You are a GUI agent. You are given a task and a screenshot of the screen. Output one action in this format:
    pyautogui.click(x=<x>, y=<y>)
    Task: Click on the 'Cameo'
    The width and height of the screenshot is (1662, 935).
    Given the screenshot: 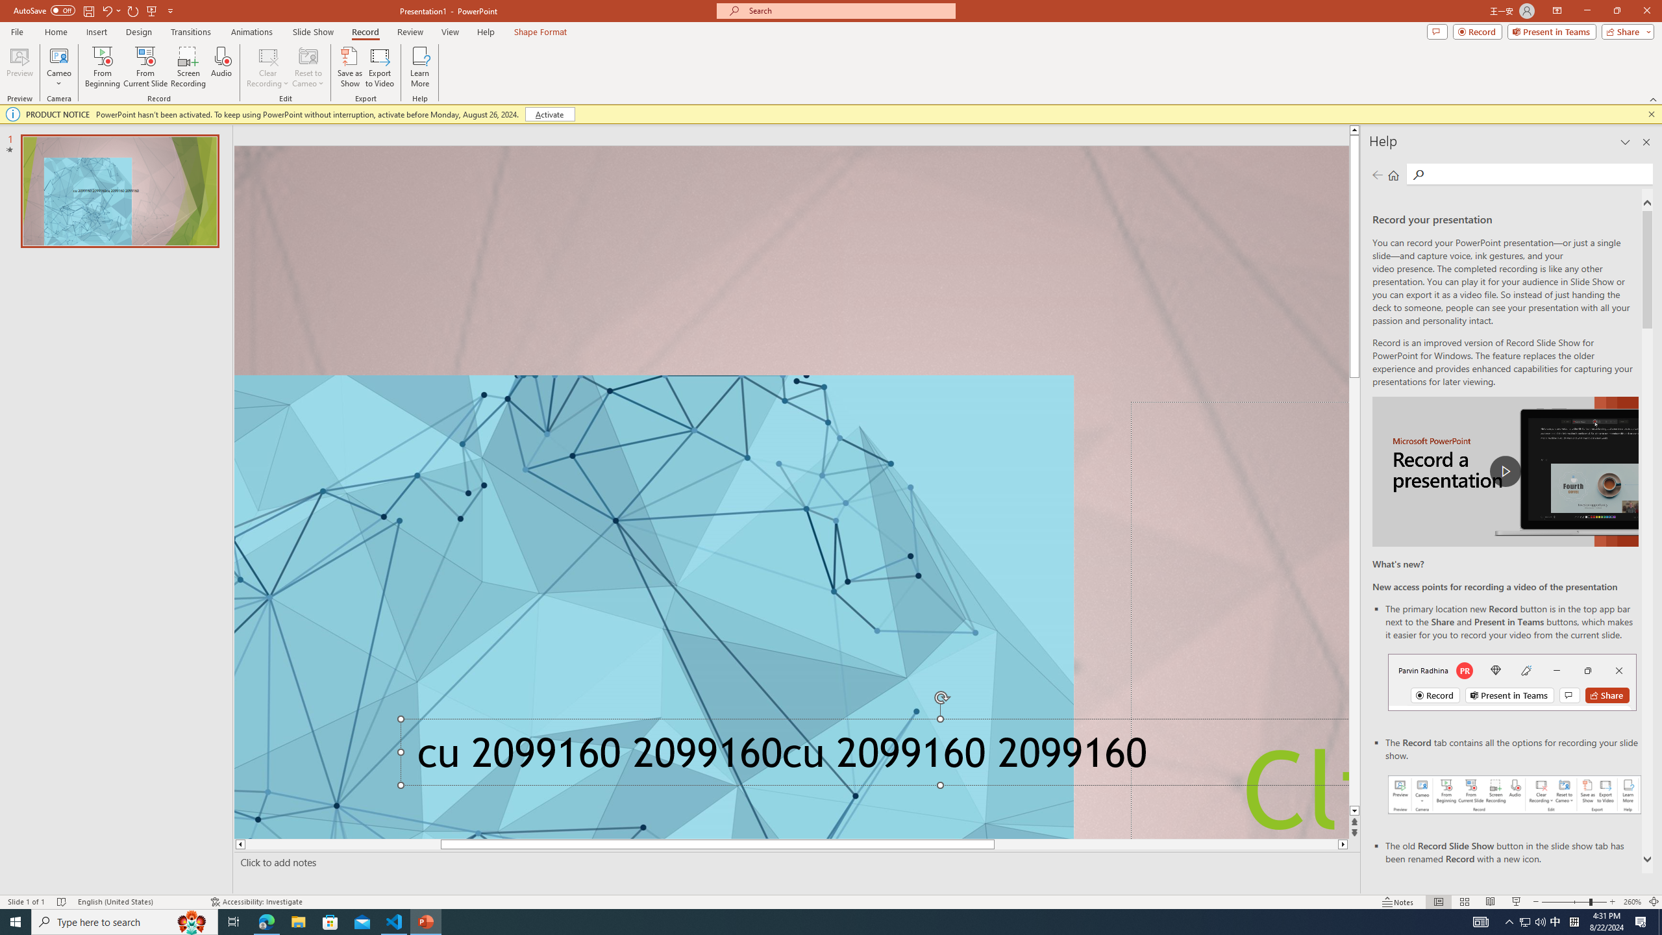 What is the action you would take?
    pyautogui.click(x=58, y=55)
    